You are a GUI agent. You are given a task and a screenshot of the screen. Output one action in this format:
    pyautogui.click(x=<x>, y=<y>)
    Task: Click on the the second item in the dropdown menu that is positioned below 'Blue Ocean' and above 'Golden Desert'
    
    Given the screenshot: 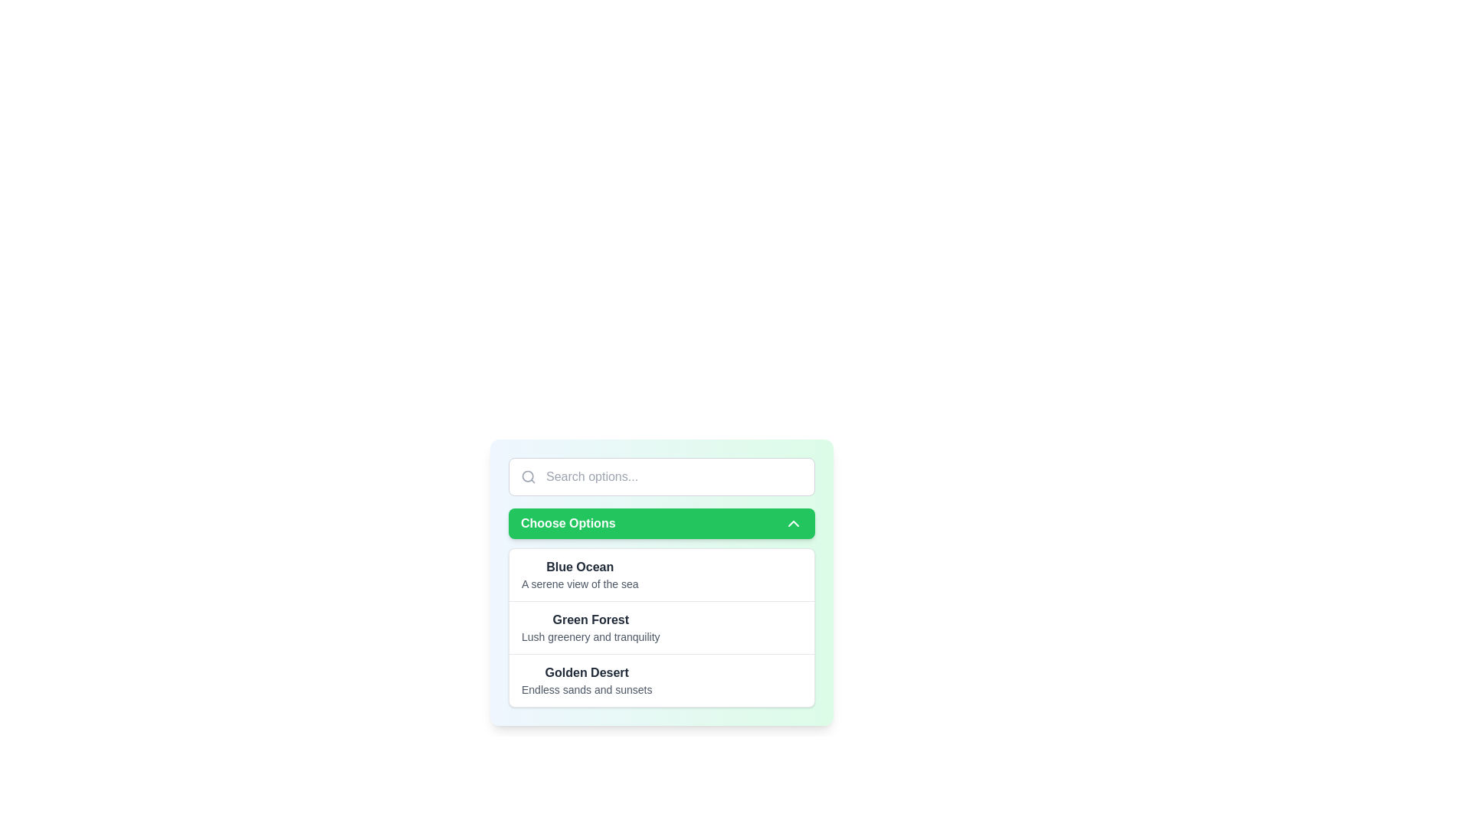 What is the action you would take?
    pyautogui.click(x=590, y=628)
    